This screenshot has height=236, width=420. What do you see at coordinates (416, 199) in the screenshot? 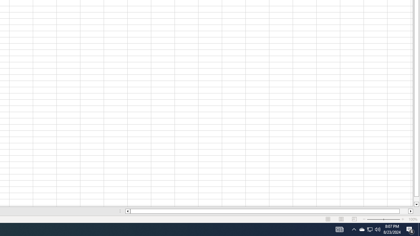
I see `'Page down'` at bounding box center [416, 199].